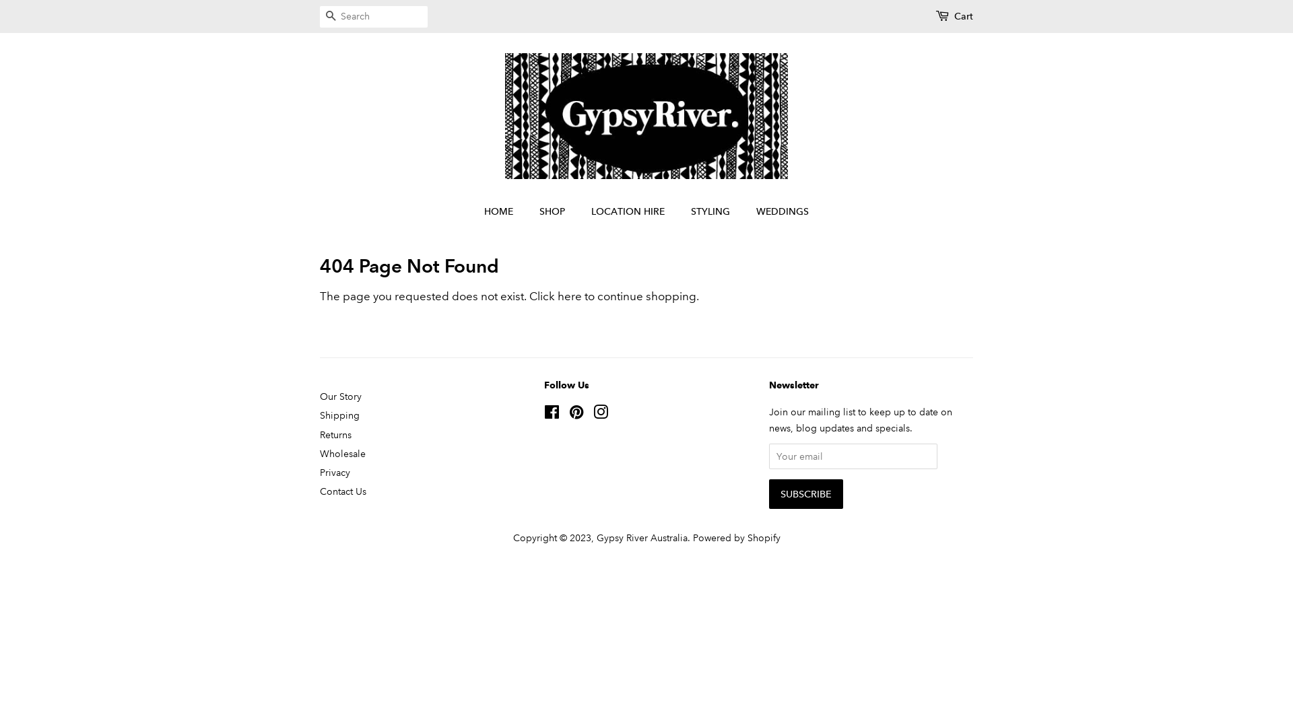 Image resolution: width=1293 pixels, height=727 pixels. What do you see at coordinates (340, 396) in the screenshot?
I see `'Our Story'` at bounding box center [340, 396].